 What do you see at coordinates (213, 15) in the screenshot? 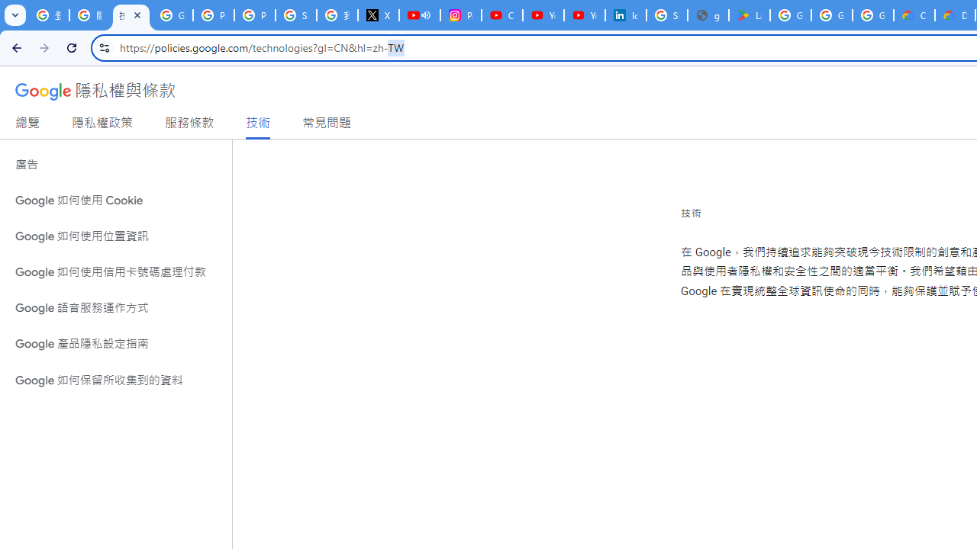
I see `'Privacy Help Center - Policies Help'` at bounding box center [213, 15].